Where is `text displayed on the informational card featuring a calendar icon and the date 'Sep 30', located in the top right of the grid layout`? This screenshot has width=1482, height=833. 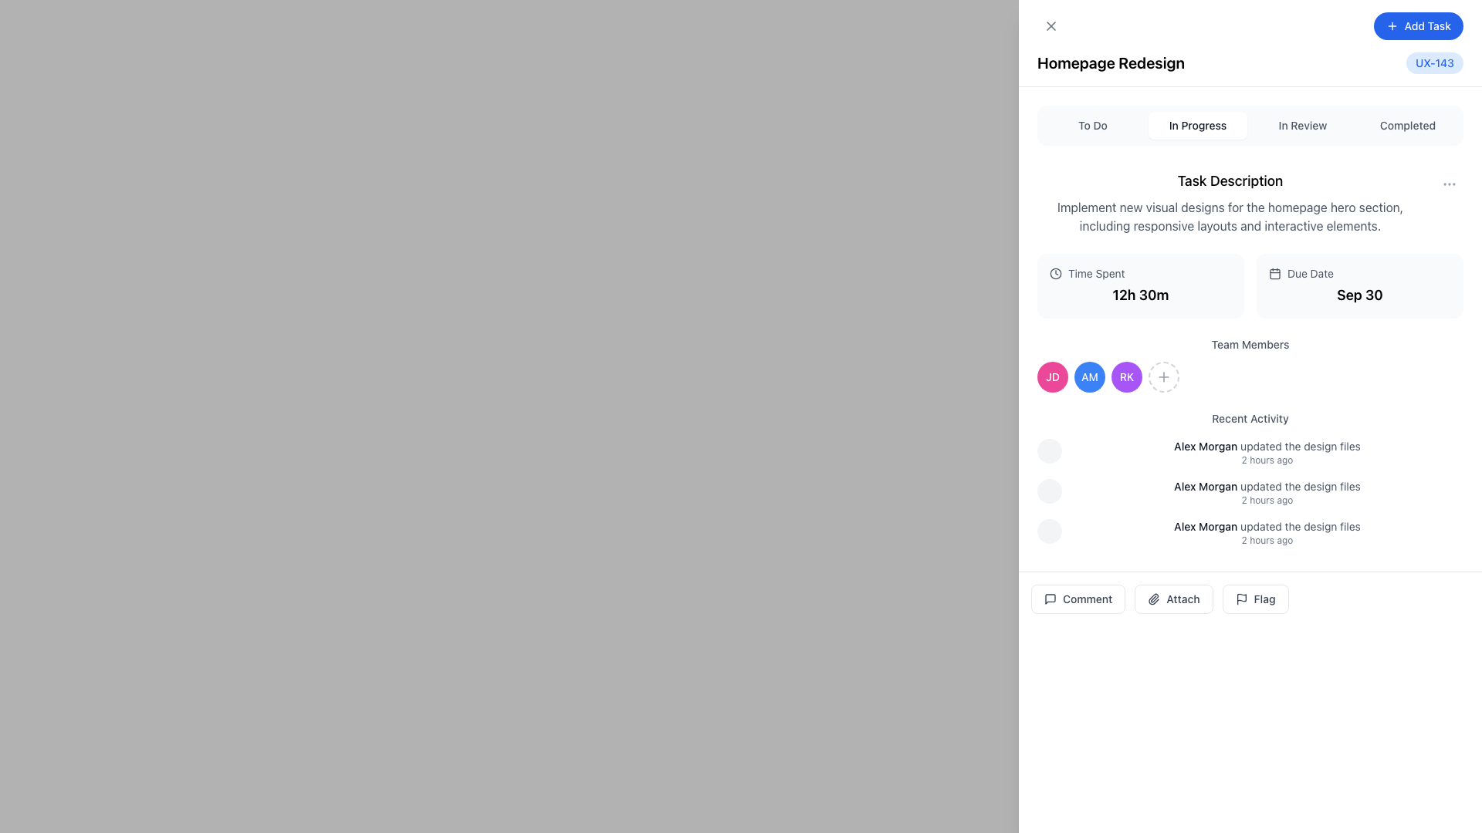
text displayed on the informational card featuring a calendar icon and the date 'Sep 30', located in the top right of the grid layout is located at coordinates (1359, 285).